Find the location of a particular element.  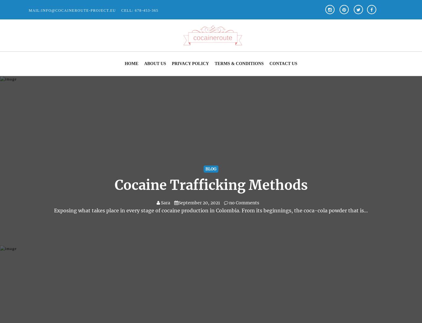

'MAIL:INFO@COCAINEROUTE-PROJECT.EU' is located at coordinates (72, 10).